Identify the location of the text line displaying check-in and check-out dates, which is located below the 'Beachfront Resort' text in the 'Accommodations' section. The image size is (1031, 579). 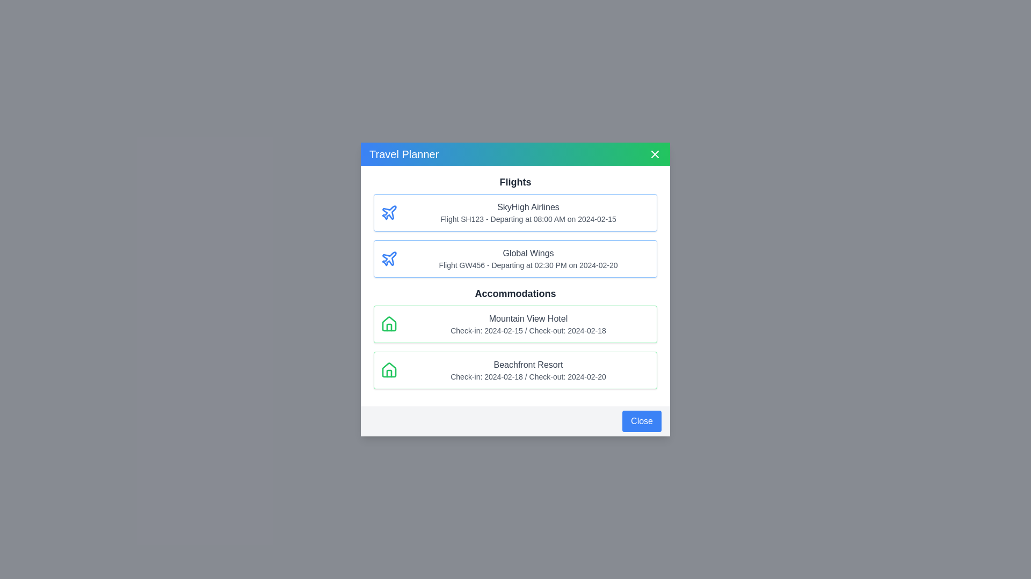
(528, 376).